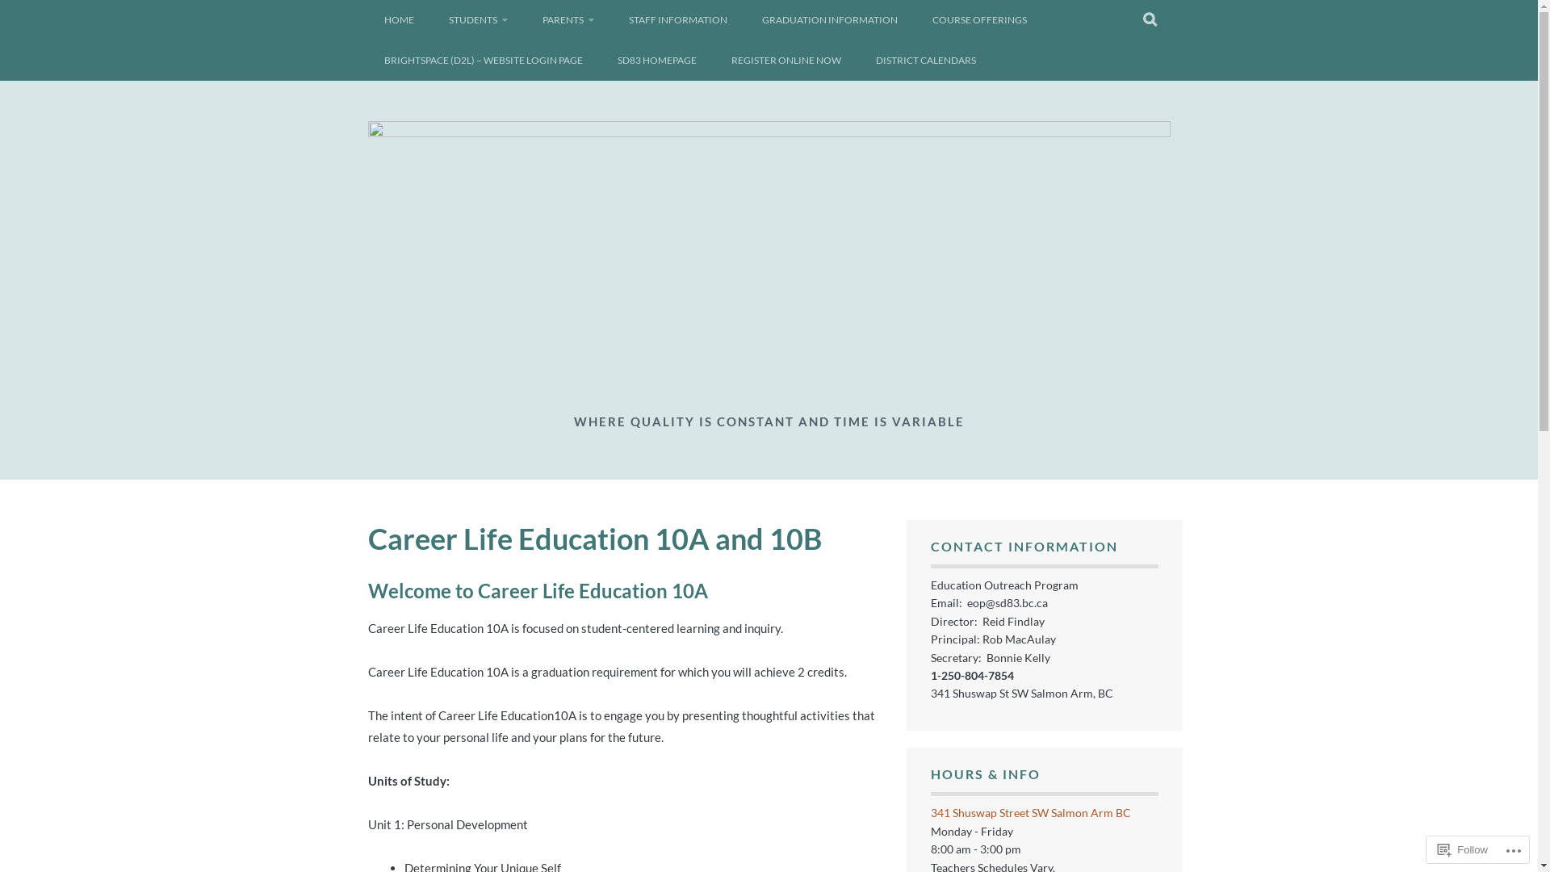 The image size is (1550, 872). I want to click on '341 Shuswap Street SW Salmon Arm BC', so click(1029, 812).